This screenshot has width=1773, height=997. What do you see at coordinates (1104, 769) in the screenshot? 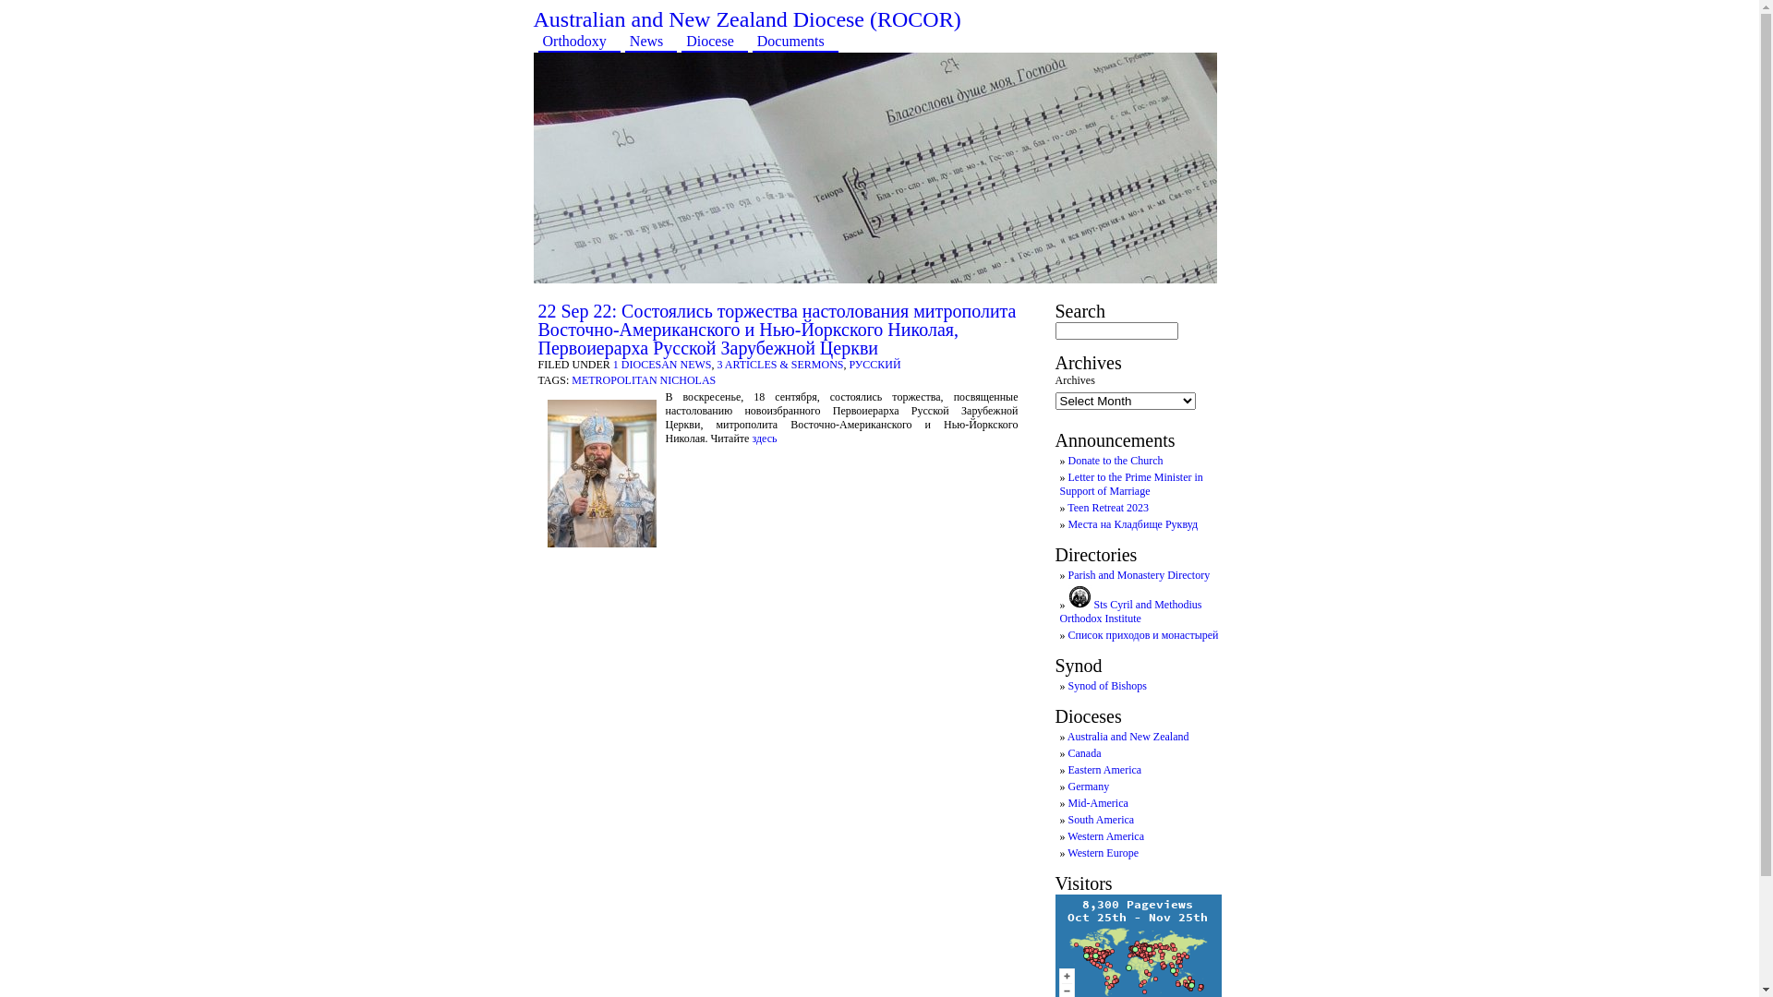
I see `'Eastern America'` at bounding box center [1104, 769].